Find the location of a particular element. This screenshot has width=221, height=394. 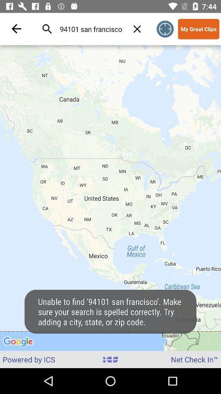

item above the powered by ics item is located at coordinates (110, 197).